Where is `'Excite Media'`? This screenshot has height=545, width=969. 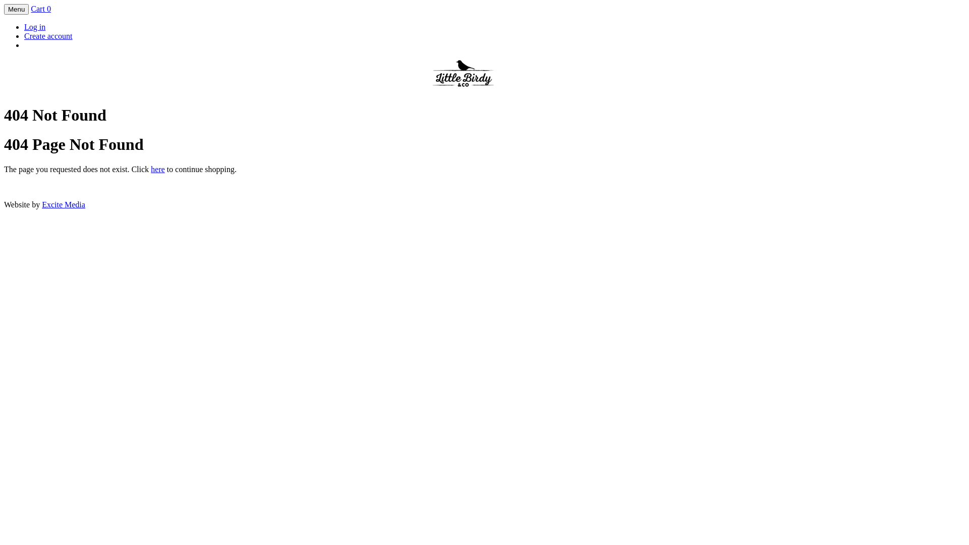
'Excite Media' is located at coordinates (63, 204).